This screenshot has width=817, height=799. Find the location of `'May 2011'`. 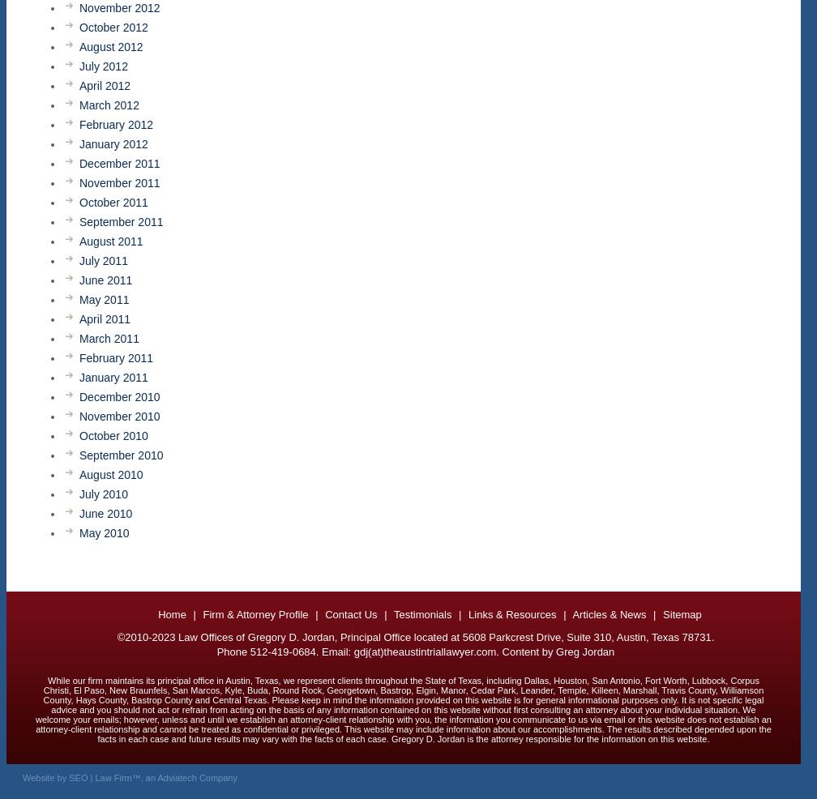

'May 2011' is located at coordinates (104, 299).